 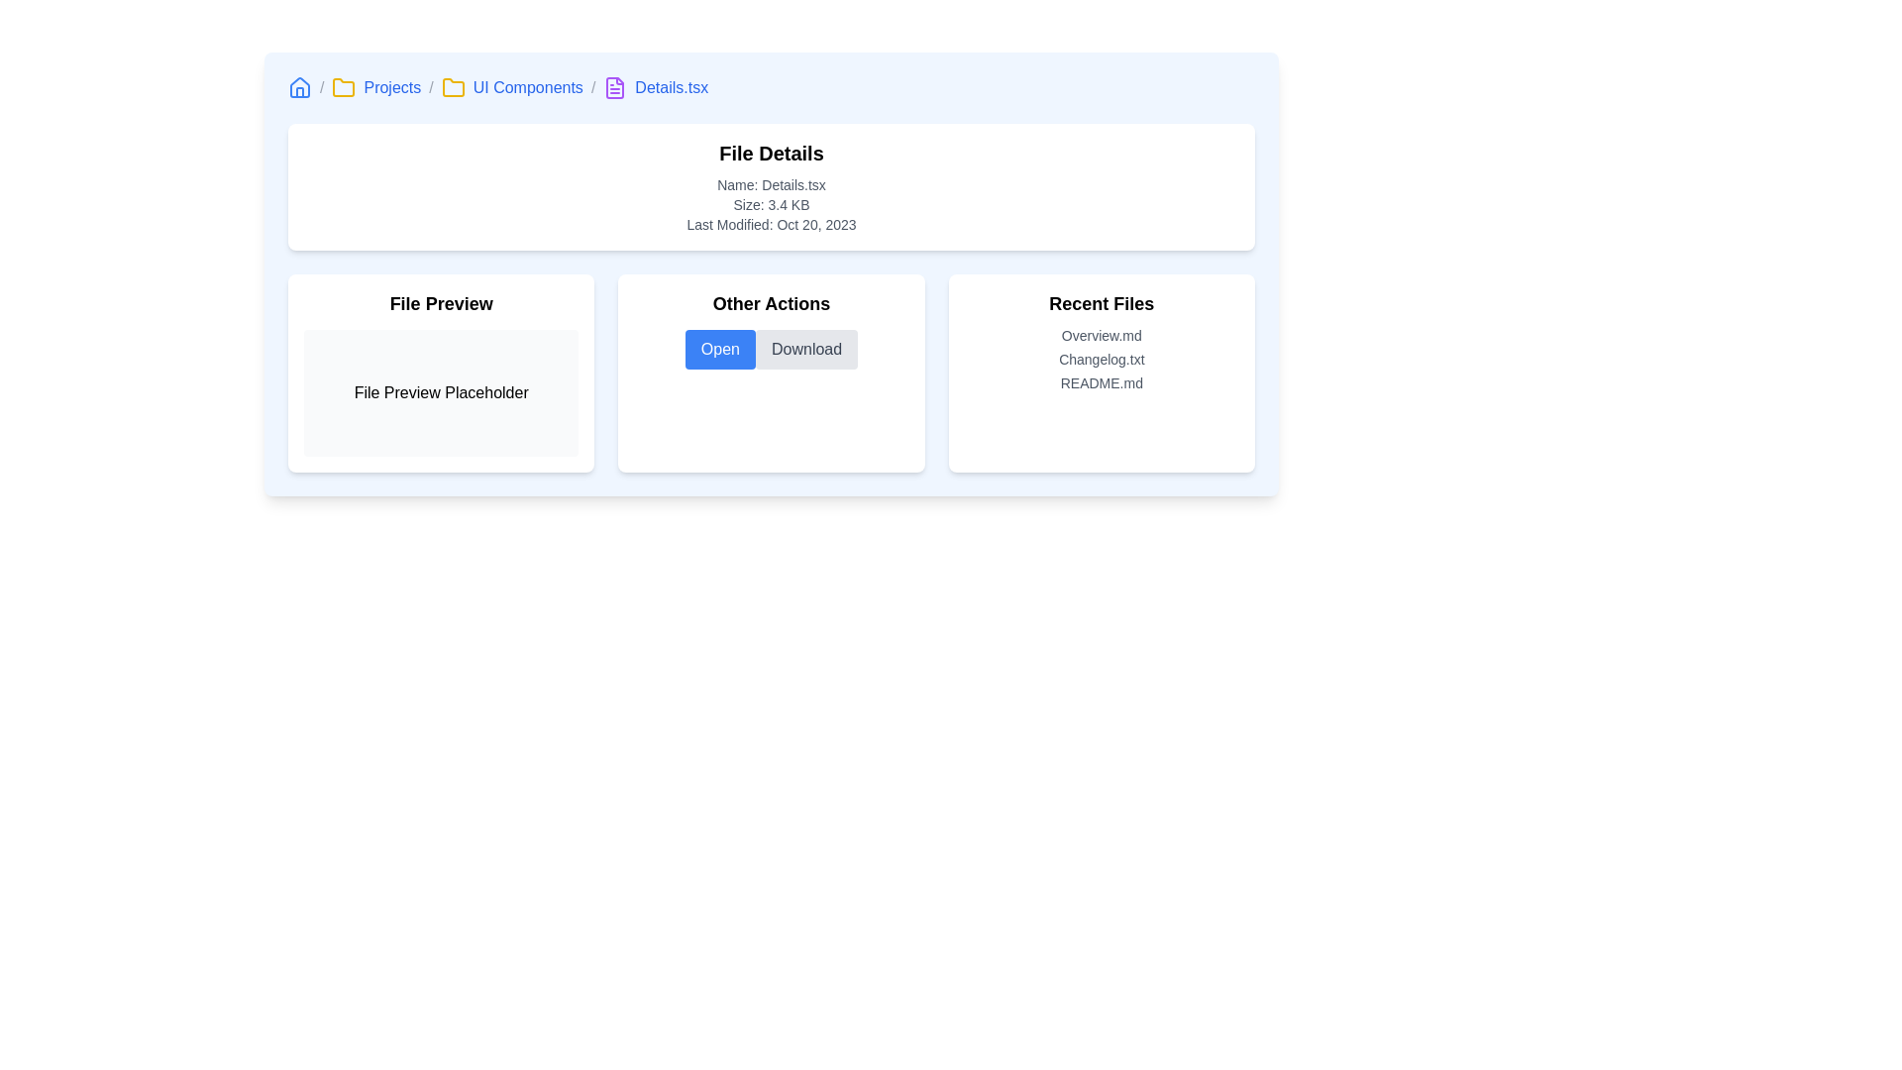 What do you see at coordinates (614, 86) in the screenshot?
I see `the icon indicating the type or nature of the item 'Details.tsx', which is located at the far right of the breadcrumb navigation bar, immediately to the right of the text 'Details.tsx'` at bounding box center [614, 86].